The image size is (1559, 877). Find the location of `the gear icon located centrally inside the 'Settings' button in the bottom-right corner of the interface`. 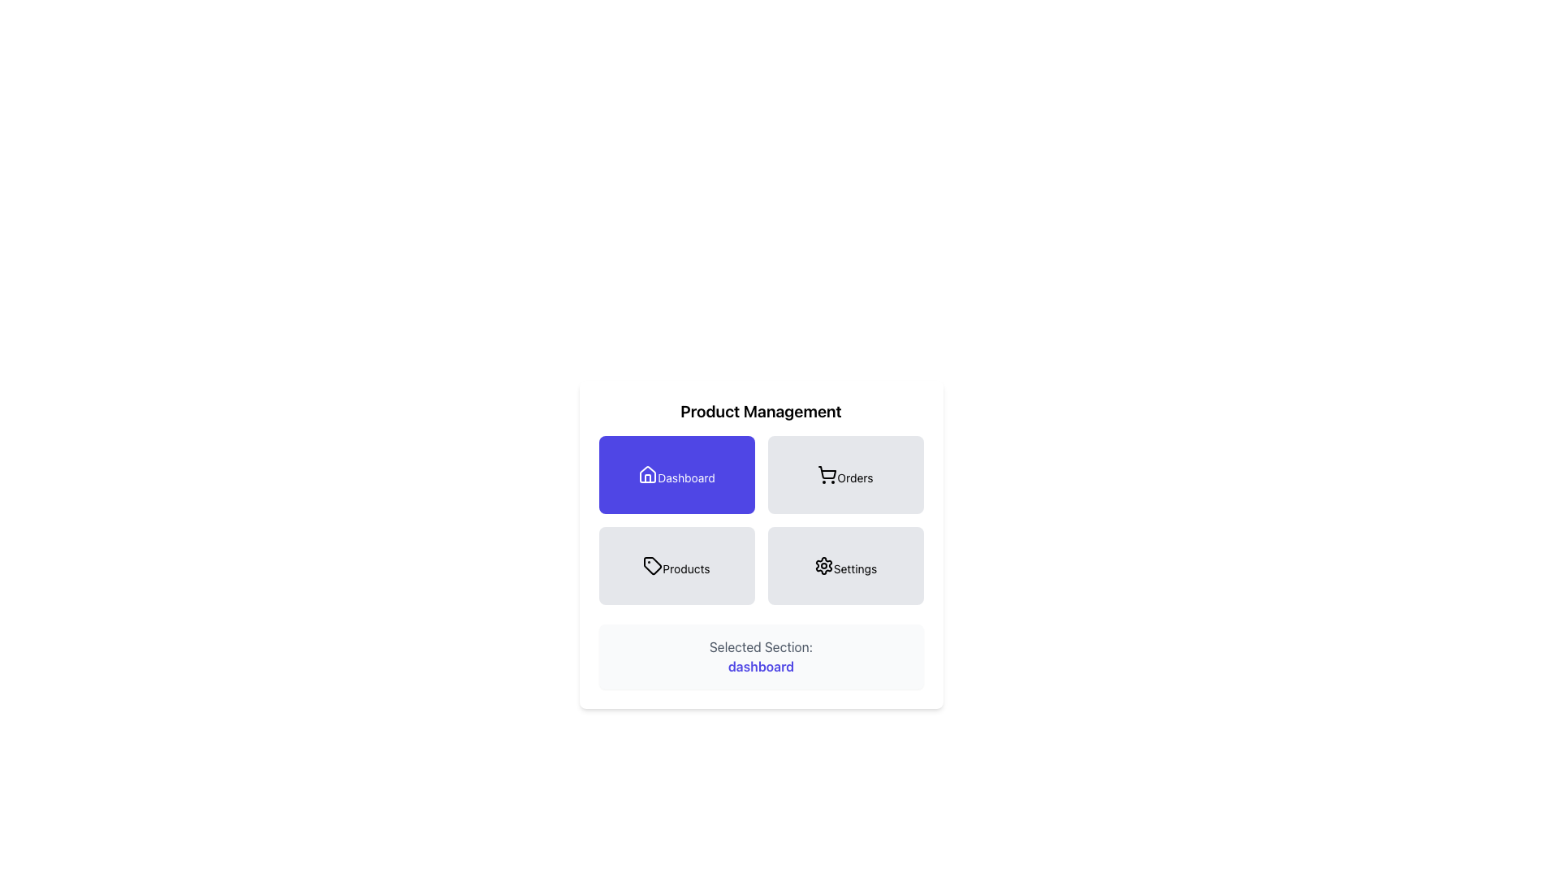

the gear icon located centrally inside the 'Settings' button in the bottom-right corner of the interface is located at coordinates (823, 565).